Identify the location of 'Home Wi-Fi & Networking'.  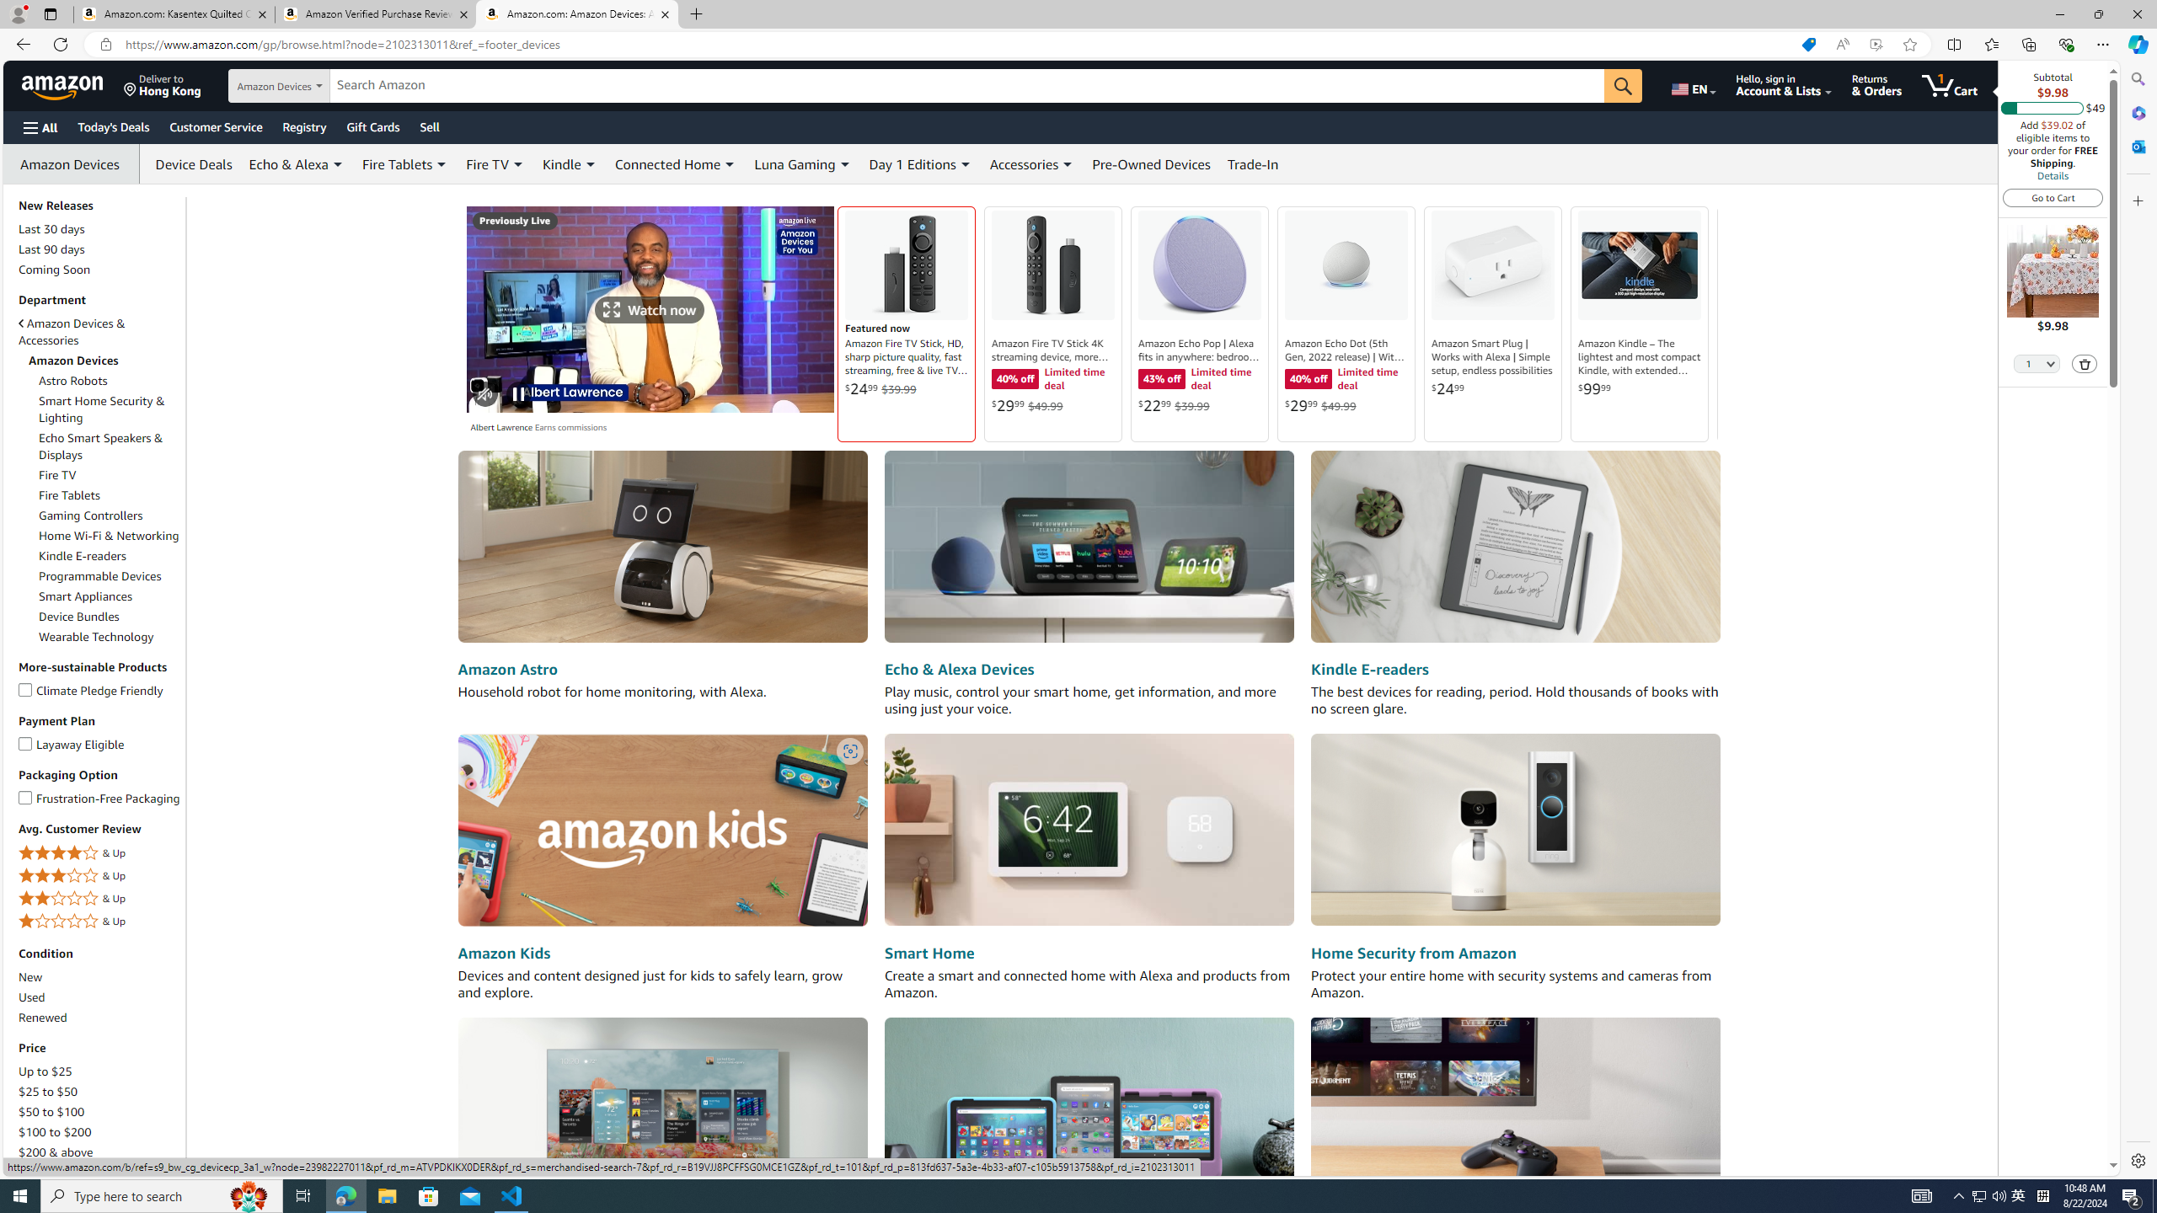
(110, 535).